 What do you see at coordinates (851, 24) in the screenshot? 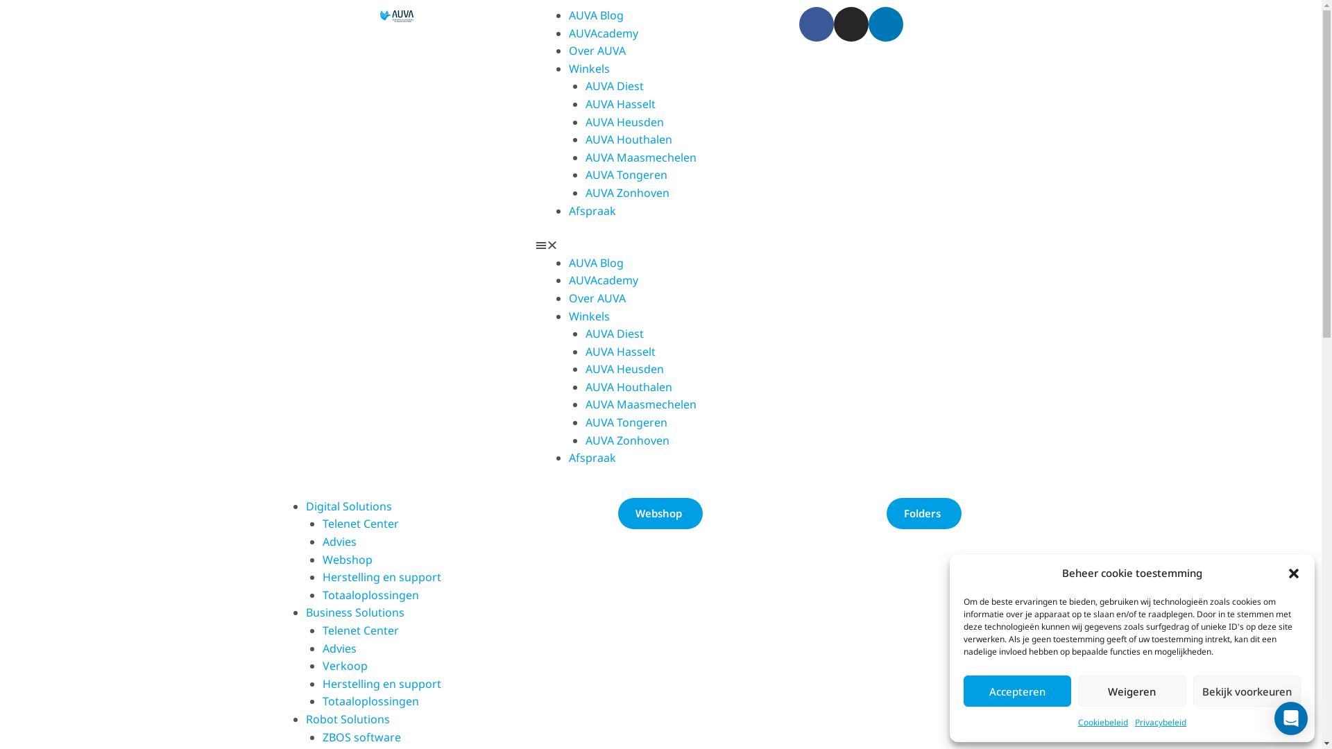
I see `'Instagram'` at bounding box center [851, 24].